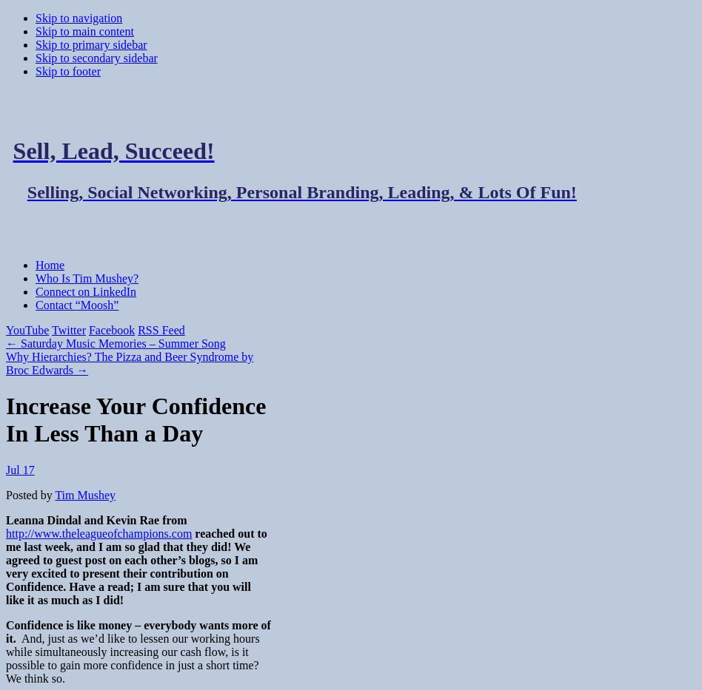 This screenshot has height=690, width=702. What do you see at coordinates (20, 468) in the screenshot?
I see `'Jul 17'` at bounding box center [20, 468].